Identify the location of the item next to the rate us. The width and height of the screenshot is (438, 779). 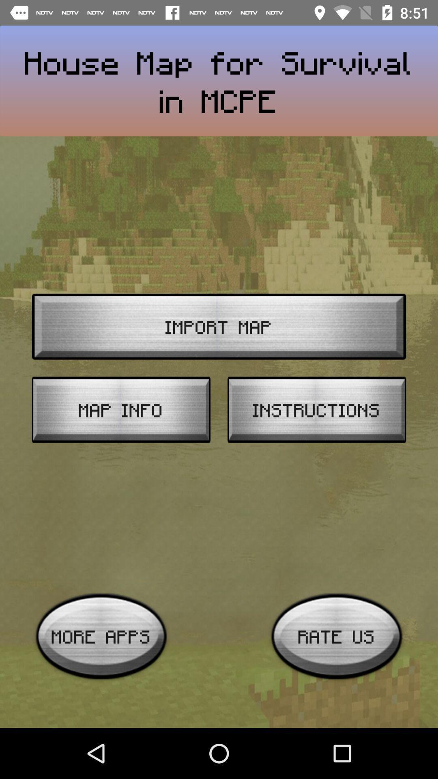
(101, 636).